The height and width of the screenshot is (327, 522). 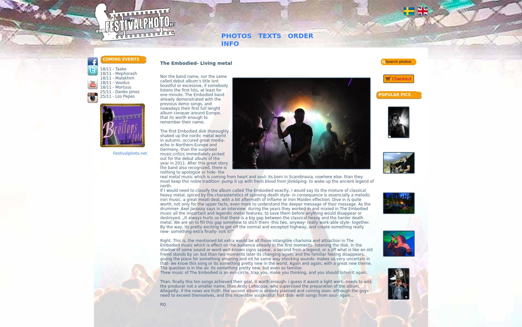 I want to click on 'POPULAR PICS', so click(x=394, y=94).